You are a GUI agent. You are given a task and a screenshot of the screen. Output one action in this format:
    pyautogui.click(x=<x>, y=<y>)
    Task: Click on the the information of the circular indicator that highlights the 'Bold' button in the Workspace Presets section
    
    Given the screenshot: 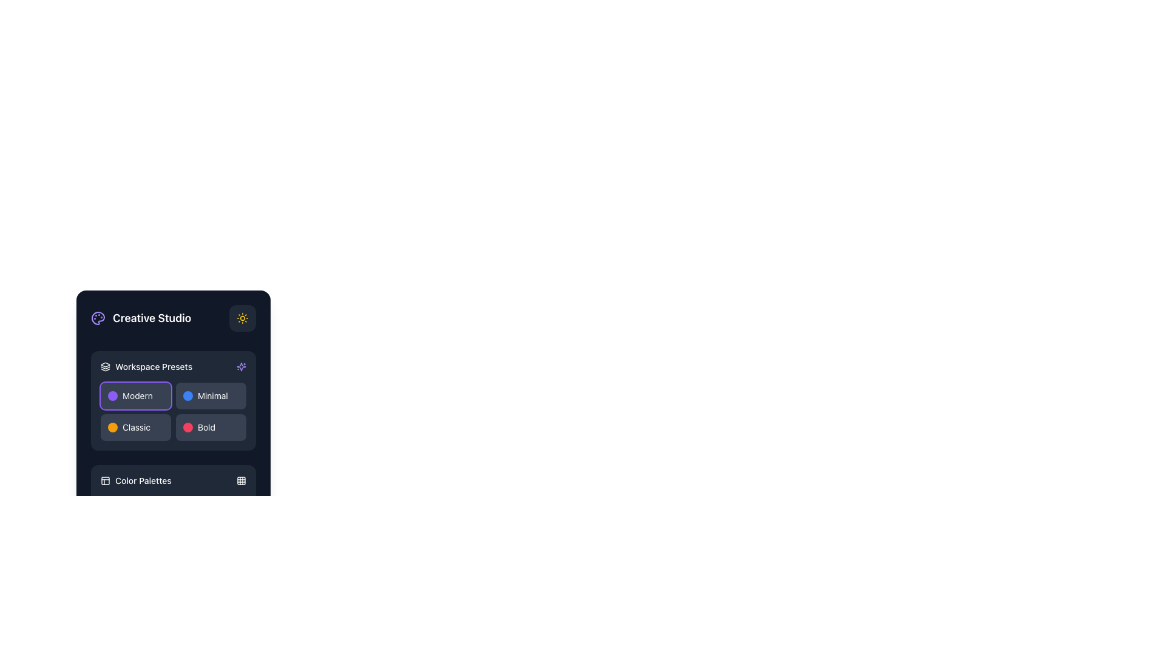 What is the action you would take?
    pyautogui.click(x=187, y=427)
    